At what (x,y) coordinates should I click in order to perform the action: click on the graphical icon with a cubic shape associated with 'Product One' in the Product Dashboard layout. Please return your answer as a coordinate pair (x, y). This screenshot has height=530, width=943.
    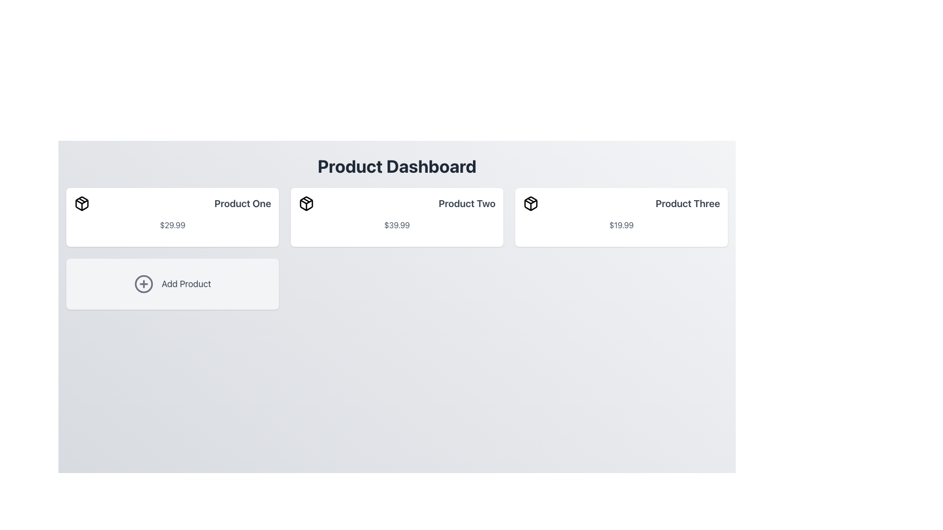
    Looking at the image, I should click on (82, 203).